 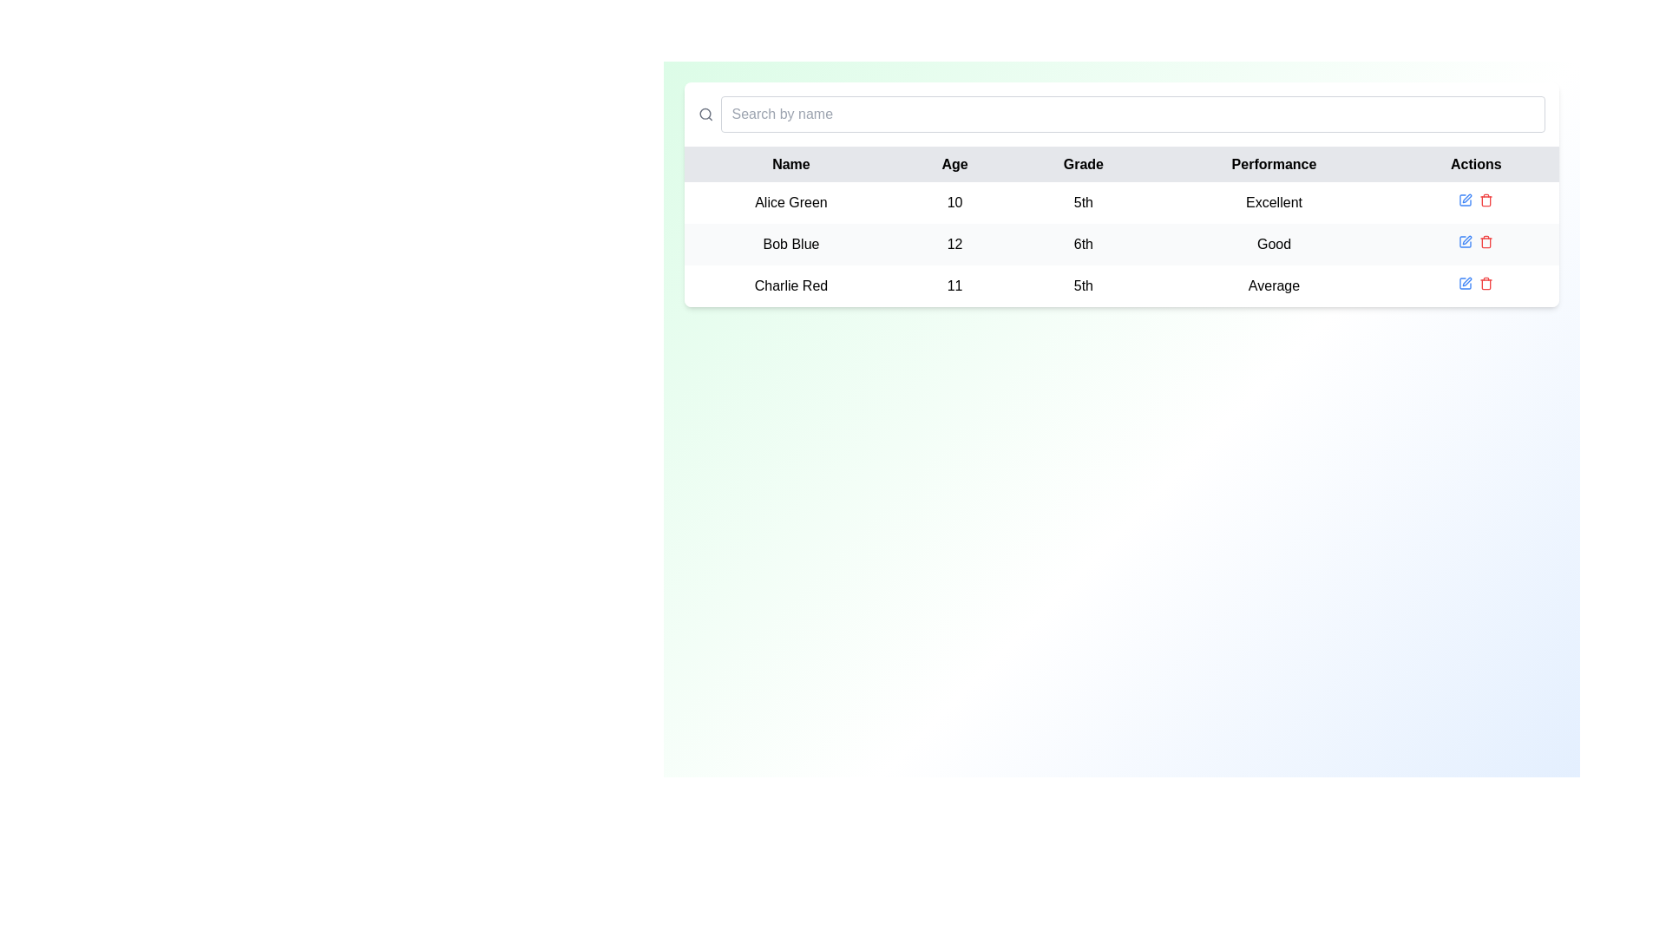 I want to click on the cell in the third row of the data table displaying details for 'Charlie Red', so click(x=1121, y=285).